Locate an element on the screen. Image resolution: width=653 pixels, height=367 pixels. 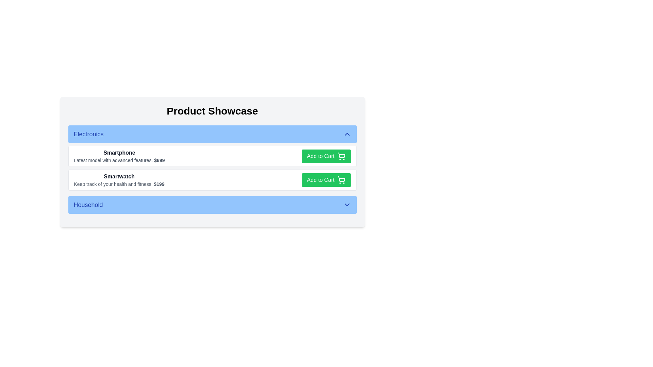
the shopping cart vector icon located within the 'Add to Cart' button for the 'Smartphone' product option in the 'Electronics' category is located at coordinates (341, 155).